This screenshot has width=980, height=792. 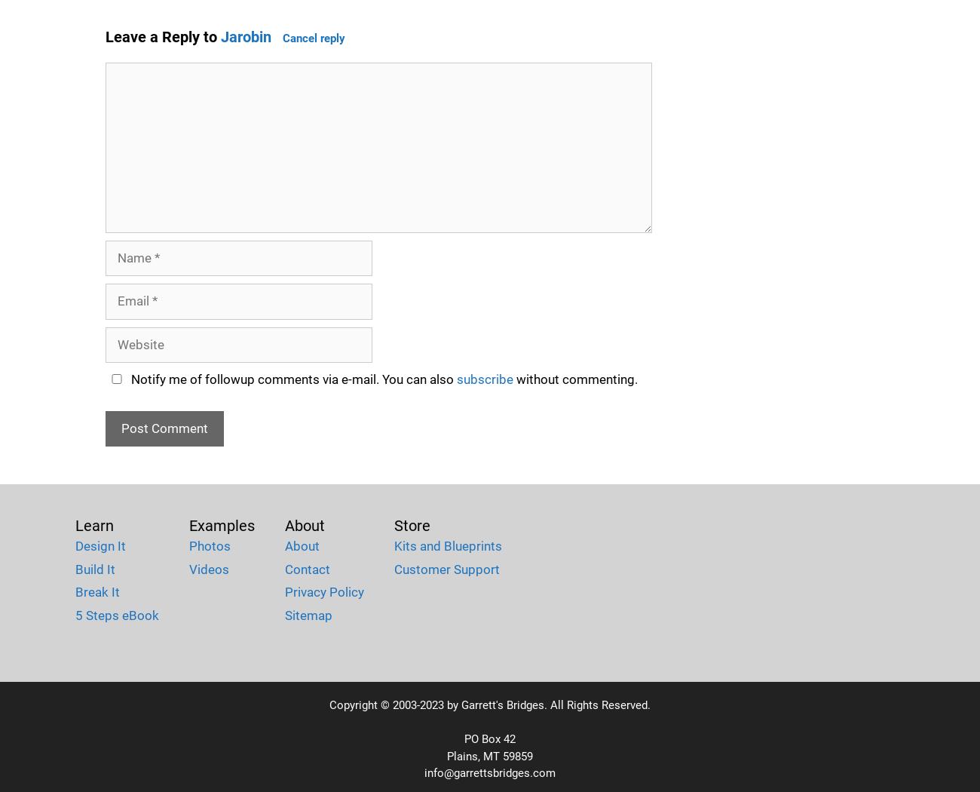 What do you see at coordinates (490, 756) in the screenshot?
I see `'Plains, MT 59859'` at bounding box center [490, 756].